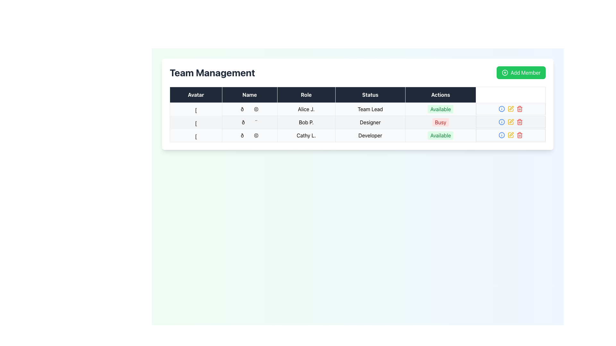  I want to click on the text element displaying the name 'Bob P.' in the second row of the table, which includes the 'Role' as 'Designer' and 'Status' as 'Busy', so click(306, 122).